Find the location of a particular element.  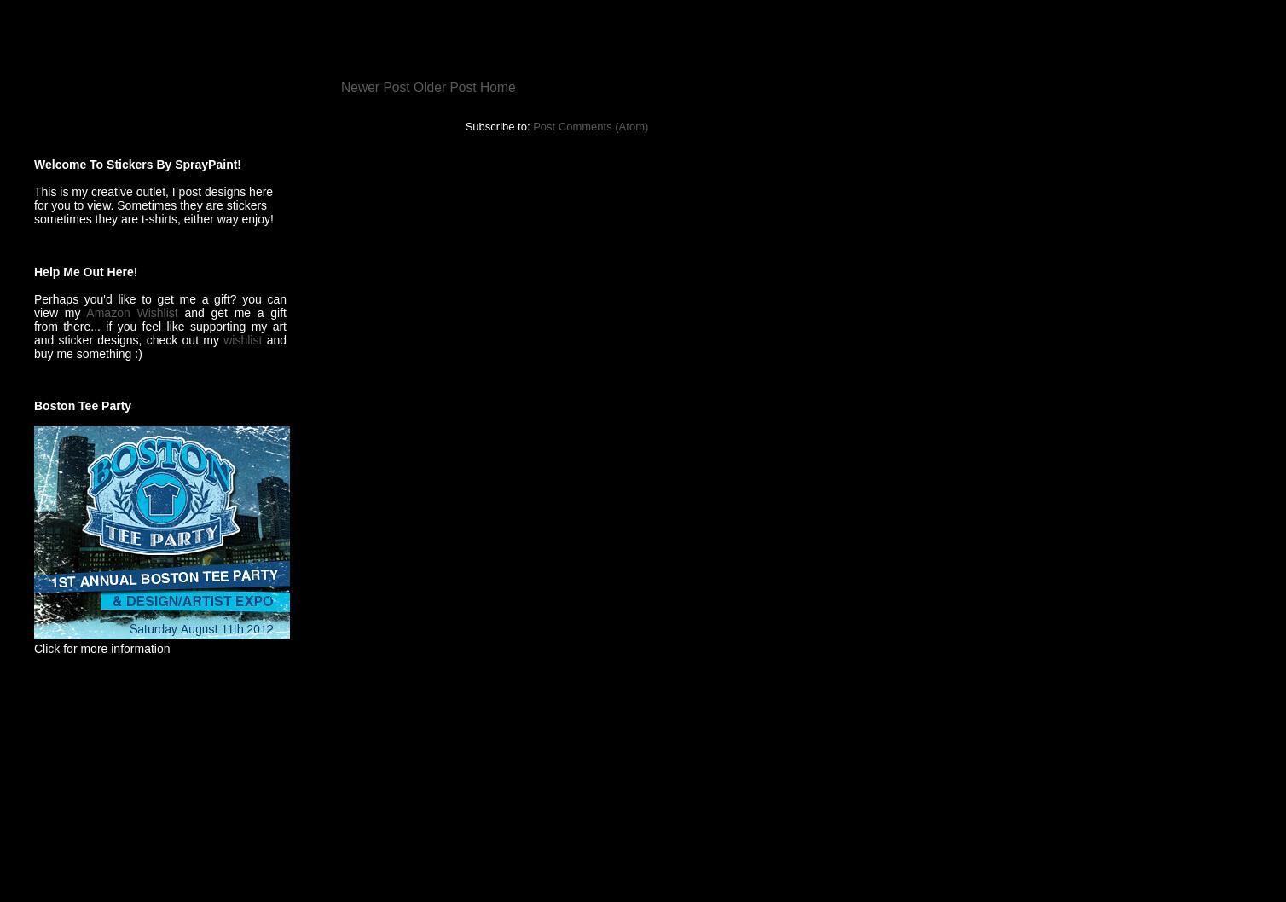

'Welcome To Stickers By SprayPaint!' is located at coordinates (137, 164).